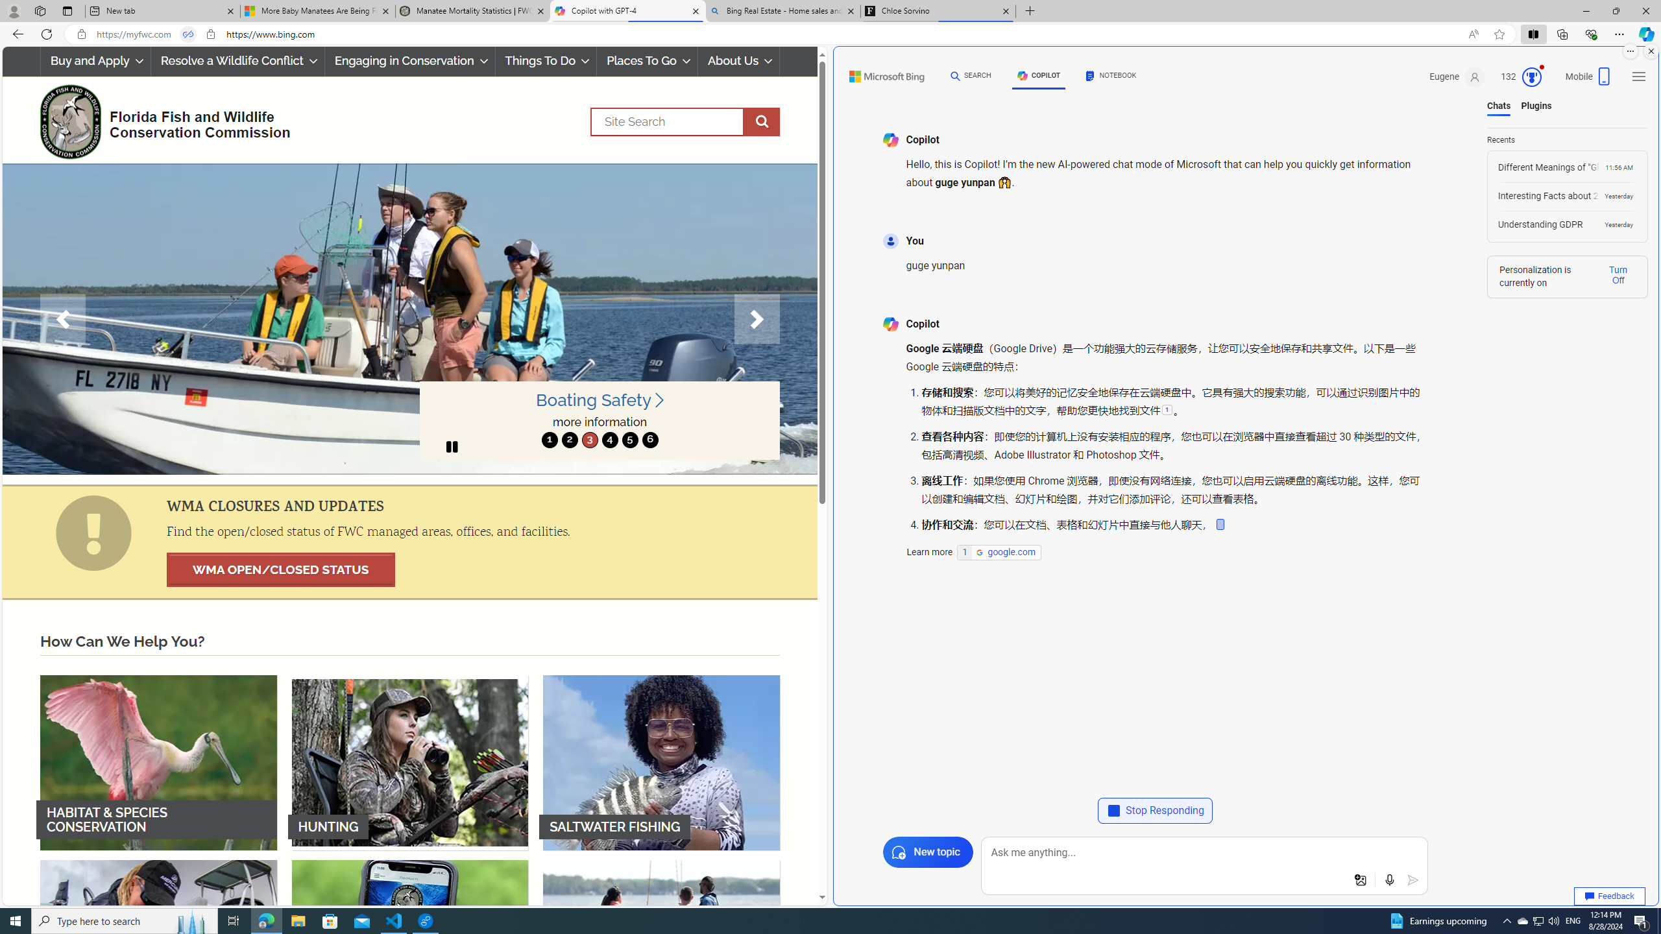 The width and height of the screenshot is (1661, 934). Describe the element at coordinates (550, 439) in the screenshot. I see `'move to slide 1'` at that location.